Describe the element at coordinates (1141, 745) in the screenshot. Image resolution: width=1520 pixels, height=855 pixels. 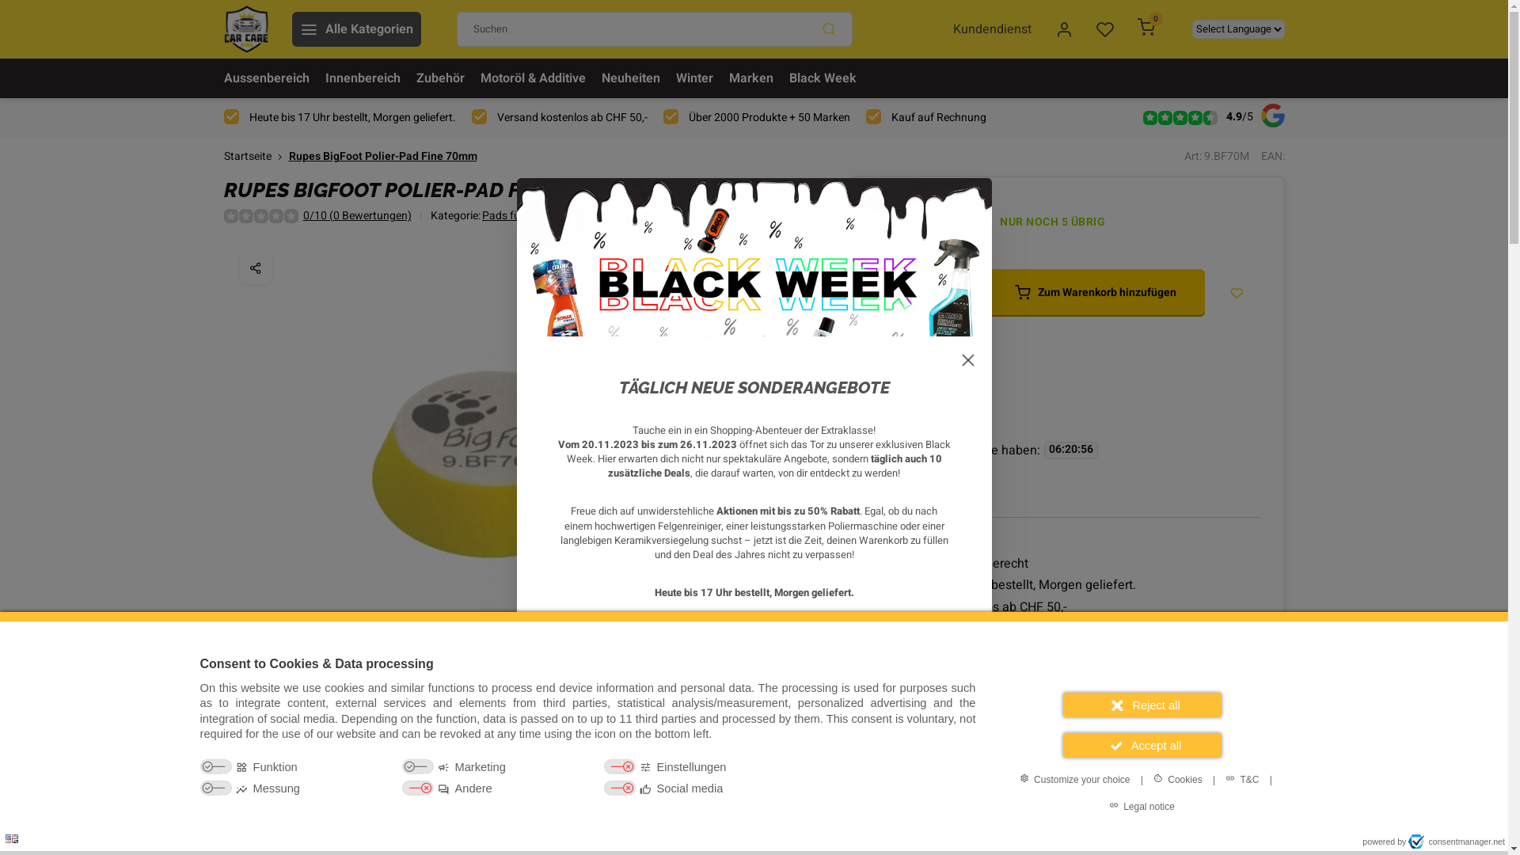
I see `'Accept all'` at that location.